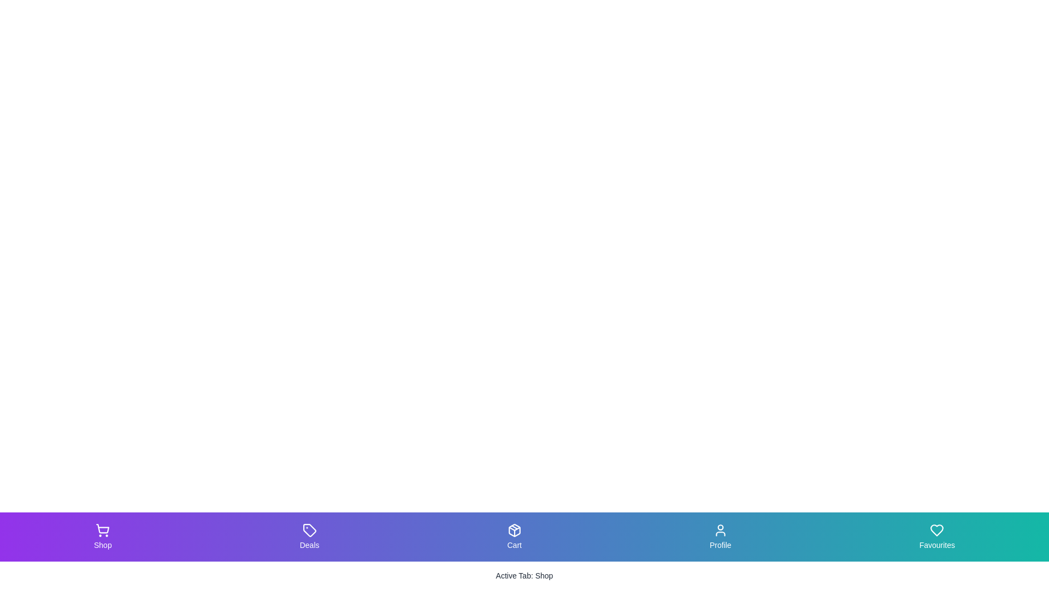 The image size is (1049, 590). What do you see at coordinates (720, 536) in the screenshot?
I see `the tab labeled Profile to view its hover effect` at bounding box center [720, 536].